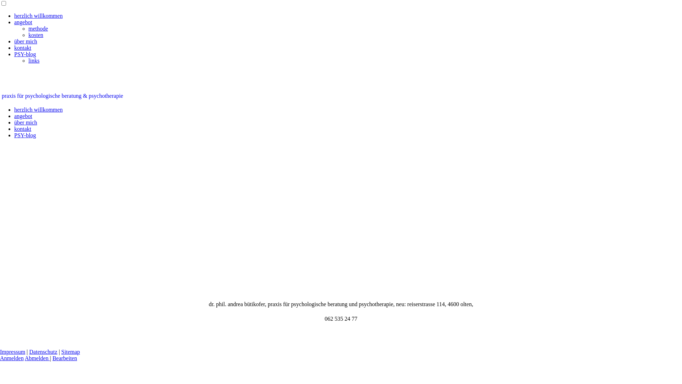 This screenshot has width=682, height=384. I want to click on 'Abmelden', so click(37, 358).